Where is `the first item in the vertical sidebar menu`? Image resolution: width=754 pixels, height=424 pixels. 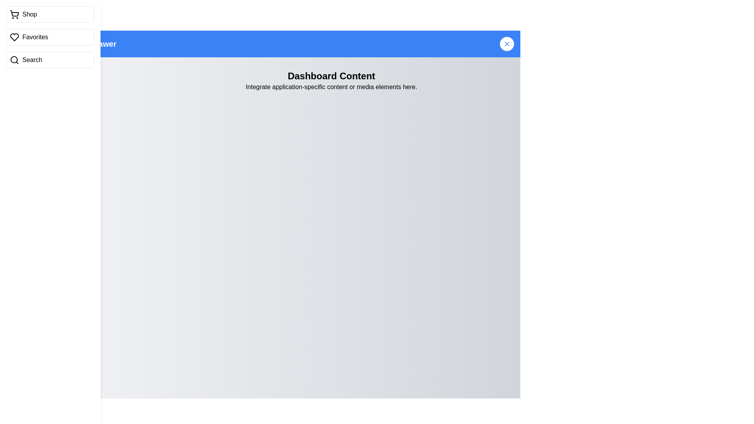
the first item in the vertical sidebar menu is located at coordinates (50, 37).